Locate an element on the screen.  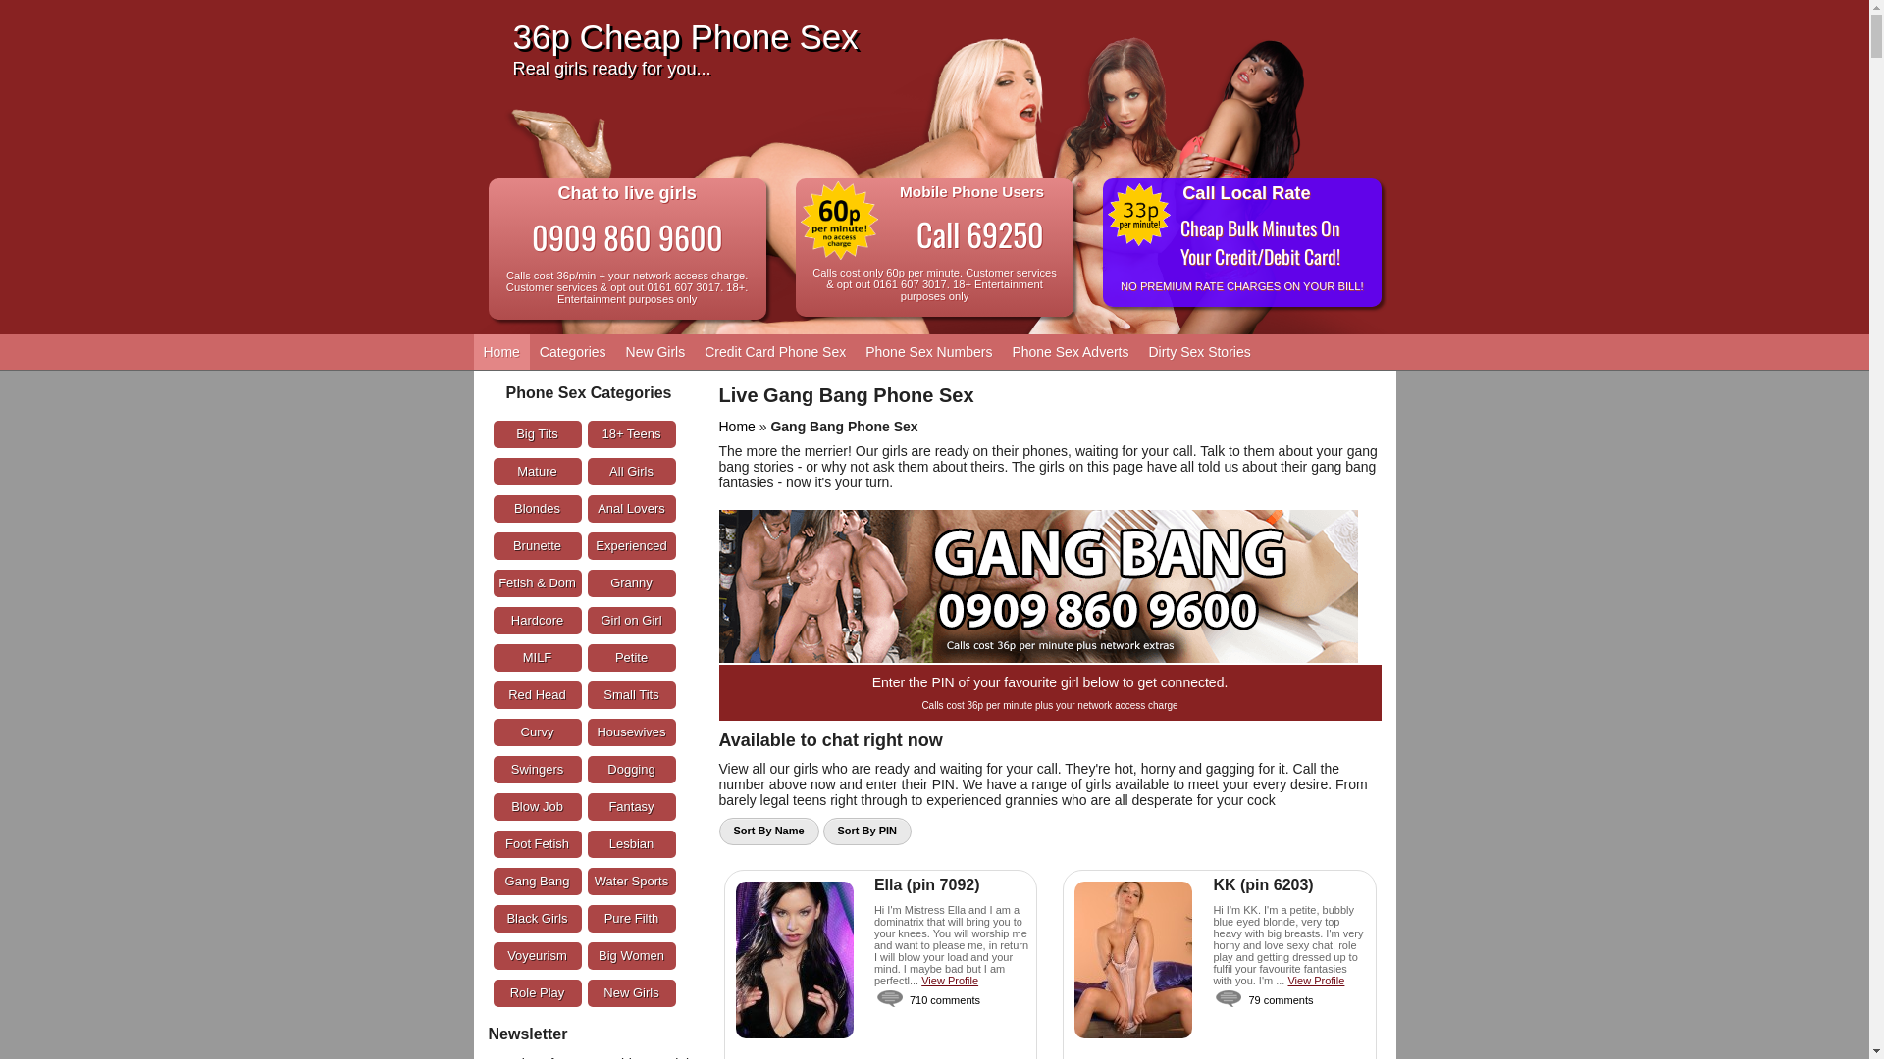
'Gang Bang' is located at coordinates (493, 880).